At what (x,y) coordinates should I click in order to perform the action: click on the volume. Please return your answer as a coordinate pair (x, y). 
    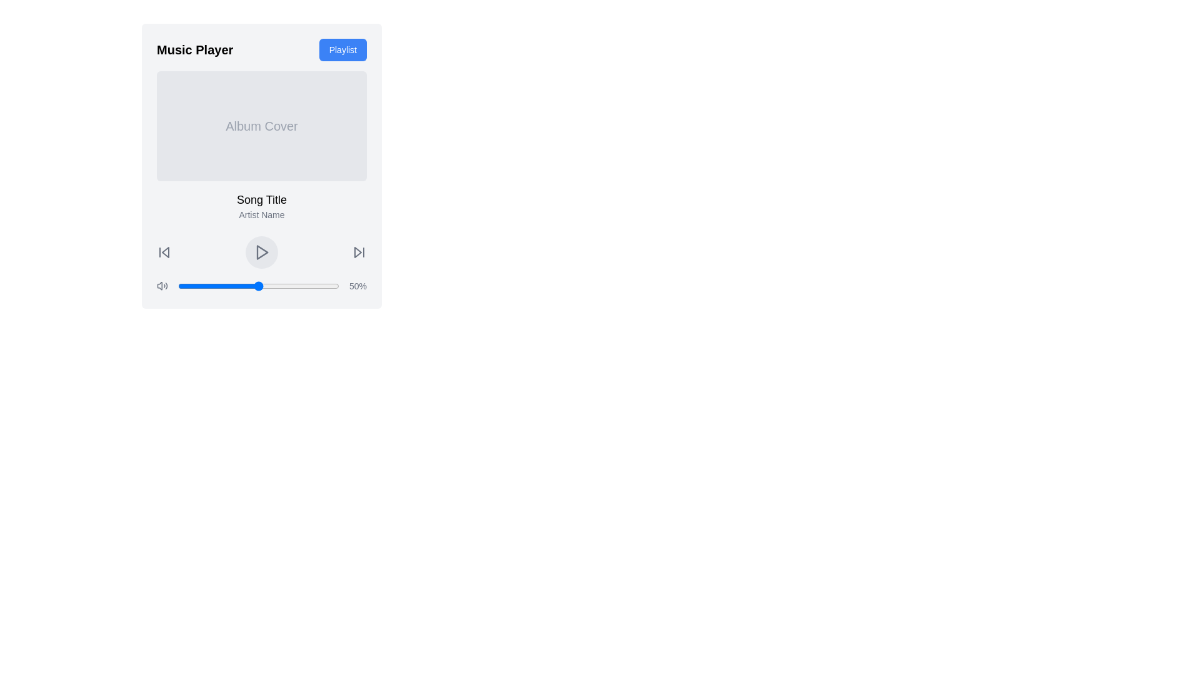
    Looking at the image, I should click on (308, 286).